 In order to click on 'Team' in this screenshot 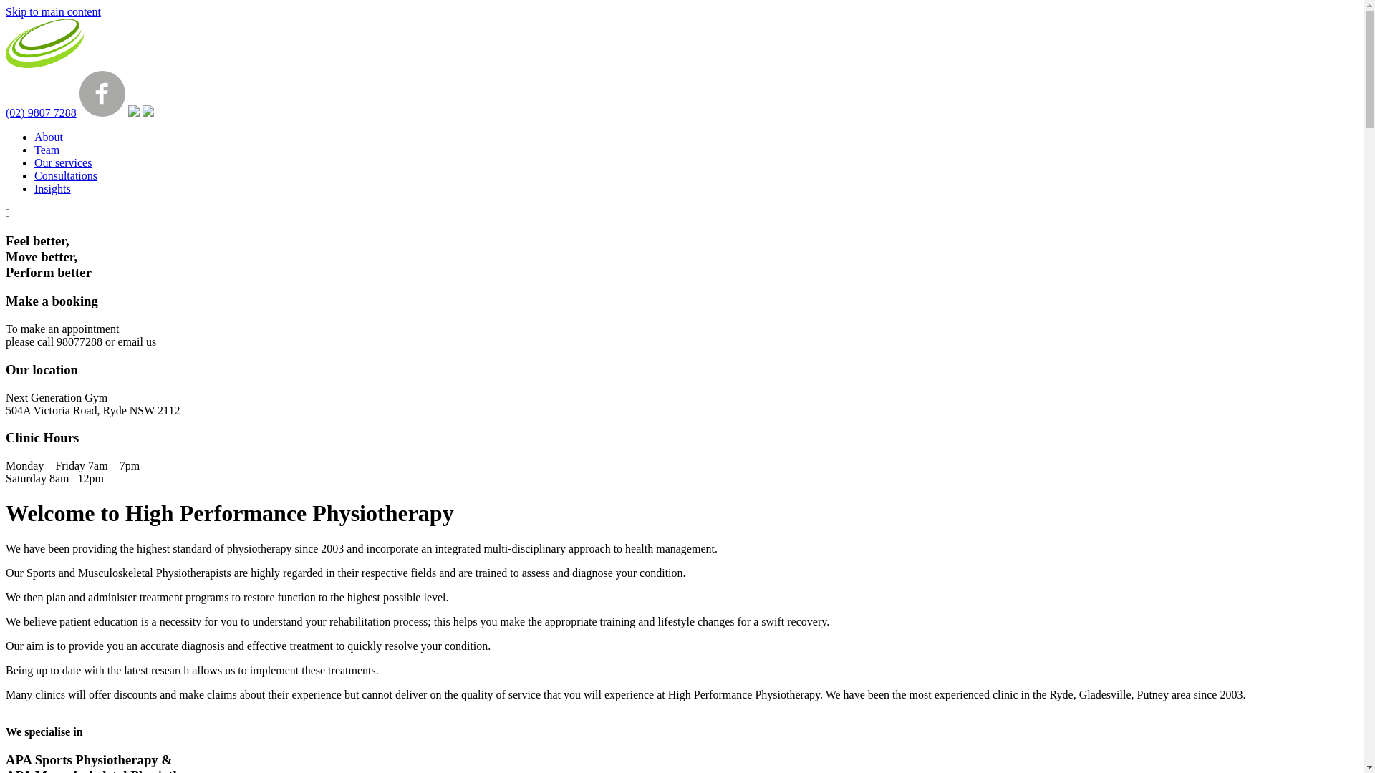, I will do `click(47, 150)`.